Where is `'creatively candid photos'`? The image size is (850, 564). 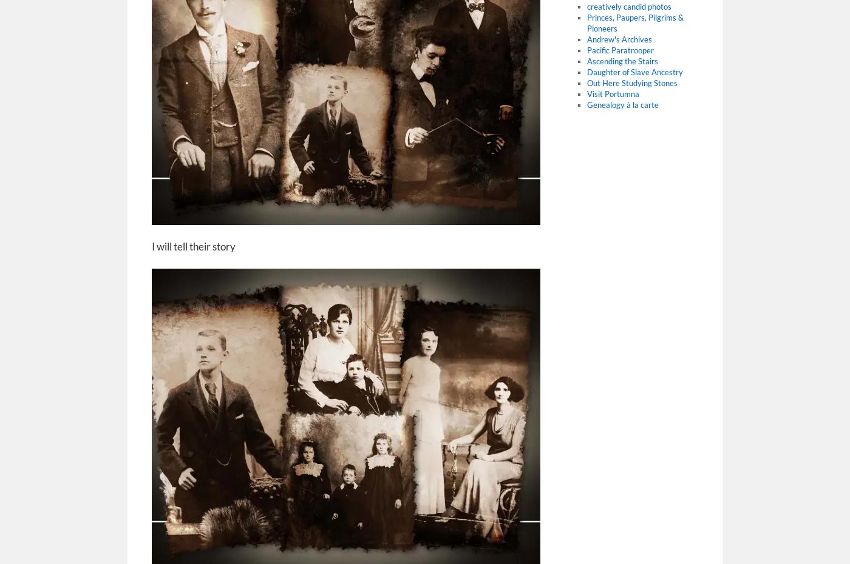
'creatively candid photos' is located at coordinates (628, 5).